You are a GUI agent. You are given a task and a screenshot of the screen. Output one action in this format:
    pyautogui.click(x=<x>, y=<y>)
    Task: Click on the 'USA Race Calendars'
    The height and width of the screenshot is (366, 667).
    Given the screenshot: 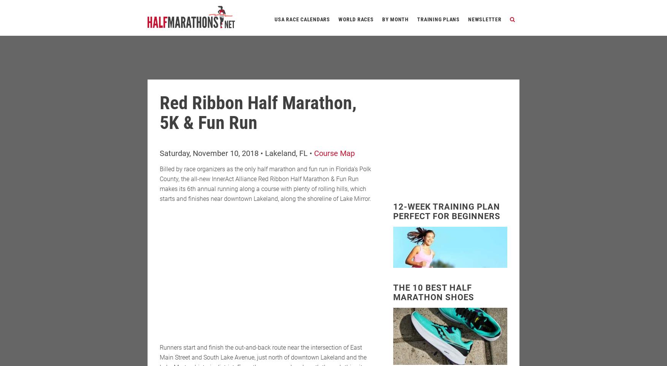 What is the action you would take?
    pyautogui.click(x=274, y=19)
    